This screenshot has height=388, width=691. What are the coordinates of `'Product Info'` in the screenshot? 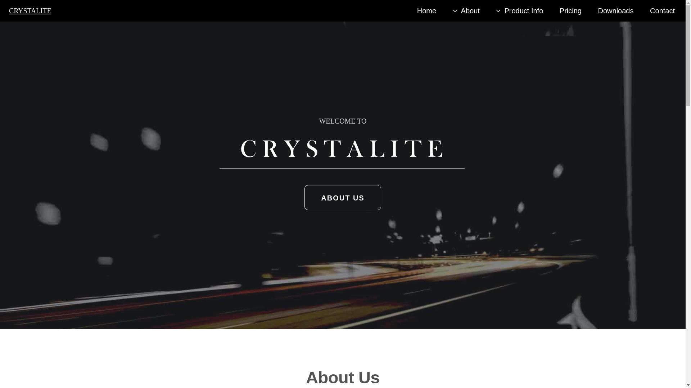 It's located at (519, 11).